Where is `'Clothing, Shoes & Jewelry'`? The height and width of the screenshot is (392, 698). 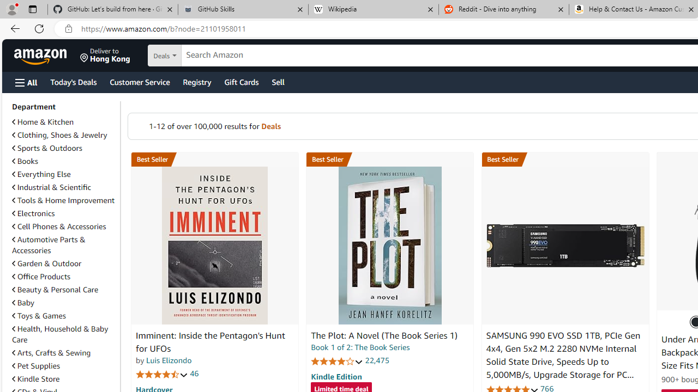
'Clothing, Shoes & Jewelry' is located at coordinates (59, 134).